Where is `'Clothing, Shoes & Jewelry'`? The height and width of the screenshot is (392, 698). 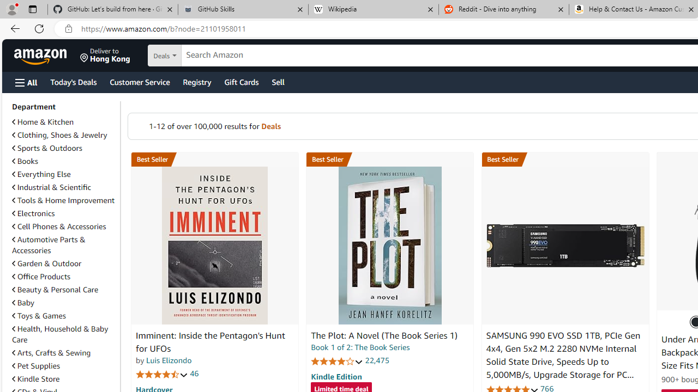
'Clothing, Shoes & Jewelry' is located at coordinates (59, 134).